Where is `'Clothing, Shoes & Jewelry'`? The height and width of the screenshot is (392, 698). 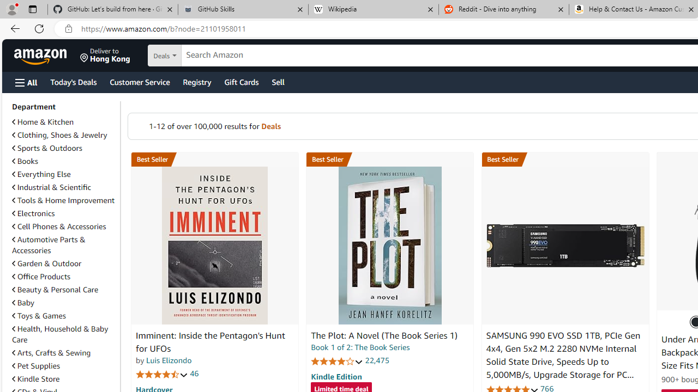
'Clothing, Shoes & Jewelry' is located at coordinates (59, 134).